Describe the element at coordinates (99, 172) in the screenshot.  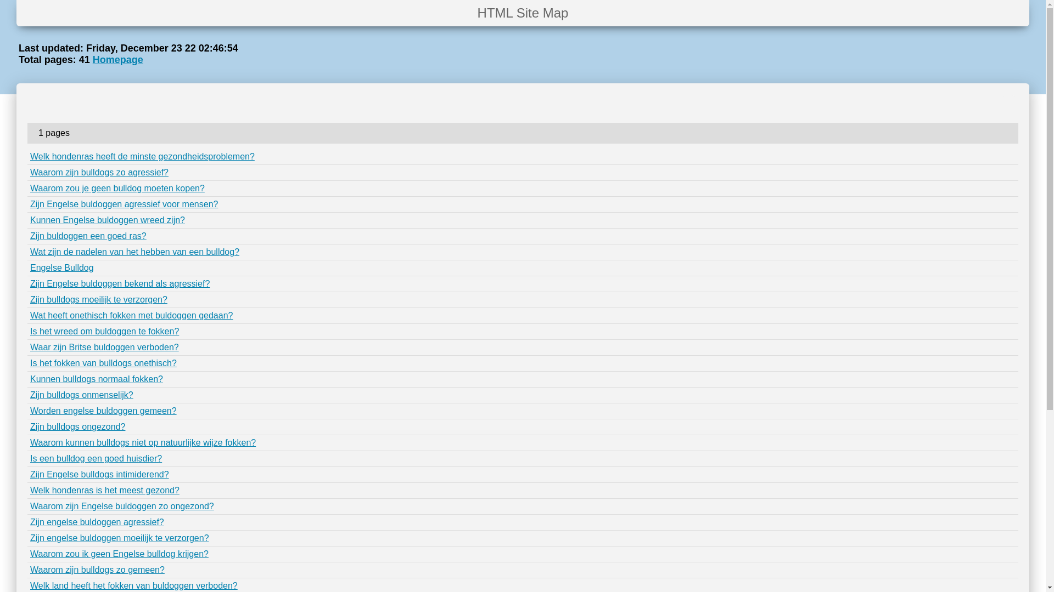
I see `'Waarom zijn bulldogs zo agressief?'` at that location.